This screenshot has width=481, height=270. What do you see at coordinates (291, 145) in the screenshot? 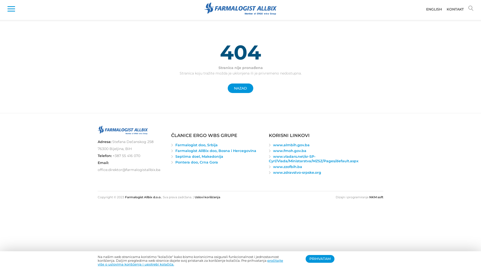
I see `'www.almbih.gov.ba'` at bounding box center [291, 145].